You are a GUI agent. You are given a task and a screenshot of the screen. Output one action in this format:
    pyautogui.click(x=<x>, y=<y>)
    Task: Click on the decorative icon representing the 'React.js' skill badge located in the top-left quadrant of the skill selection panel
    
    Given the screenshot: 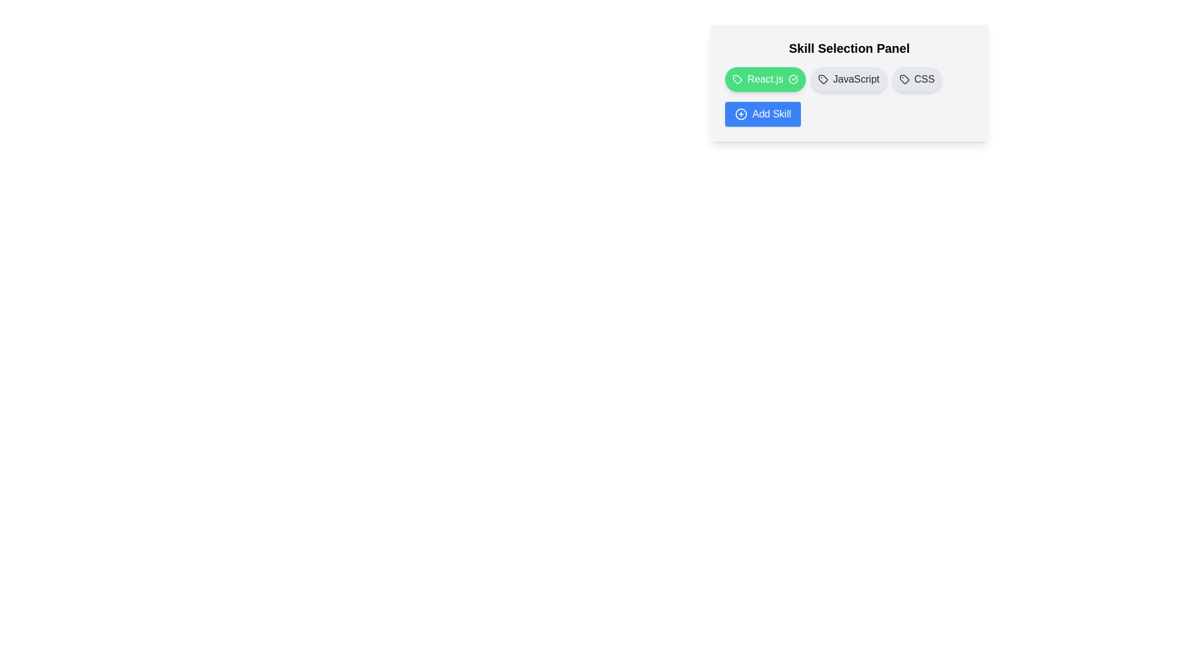 What is the action you would take?
    pyautogui.click(x=737, y=79)
    